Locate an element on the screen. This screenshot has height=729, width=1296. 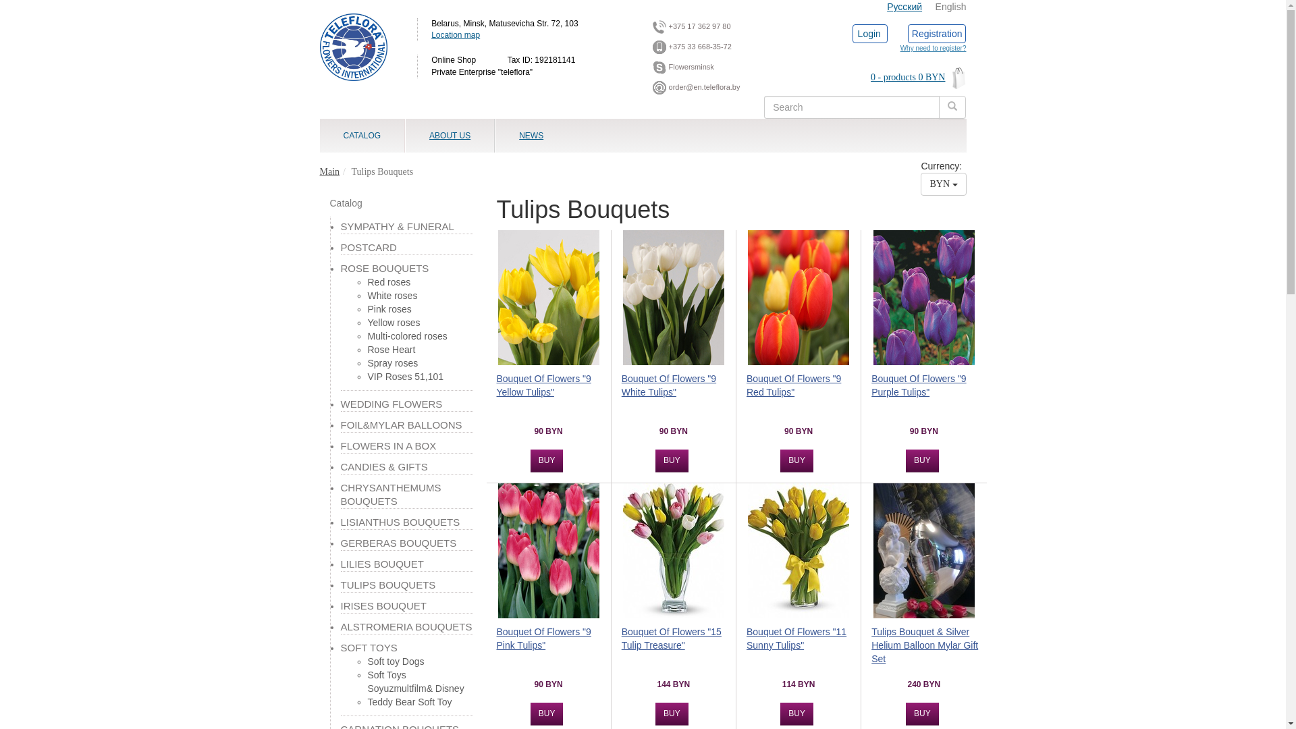
'LILIES BOUQUET' is located at coordinates (381, 564).